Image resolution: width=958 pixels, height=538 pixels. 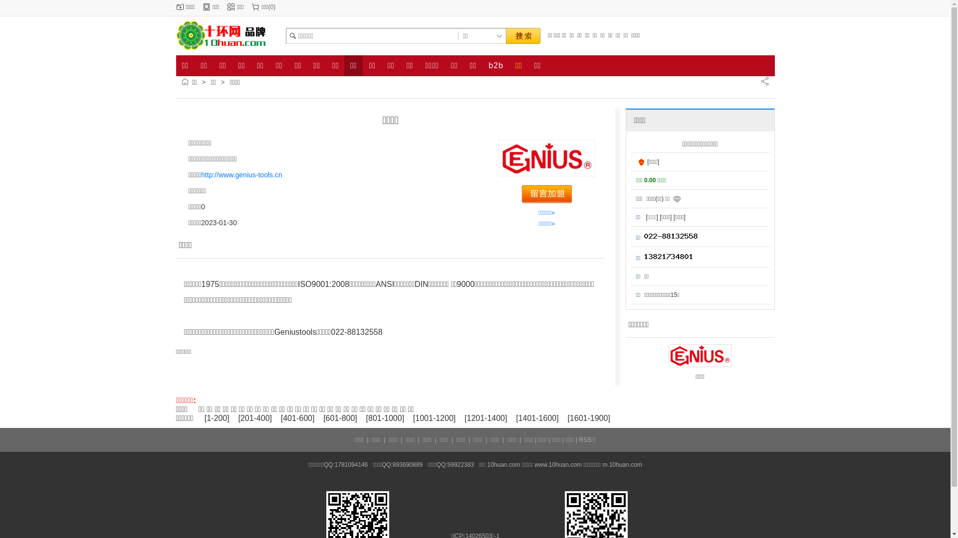 I want to click on 'm.10huan.com', so click(x=622, y=465).